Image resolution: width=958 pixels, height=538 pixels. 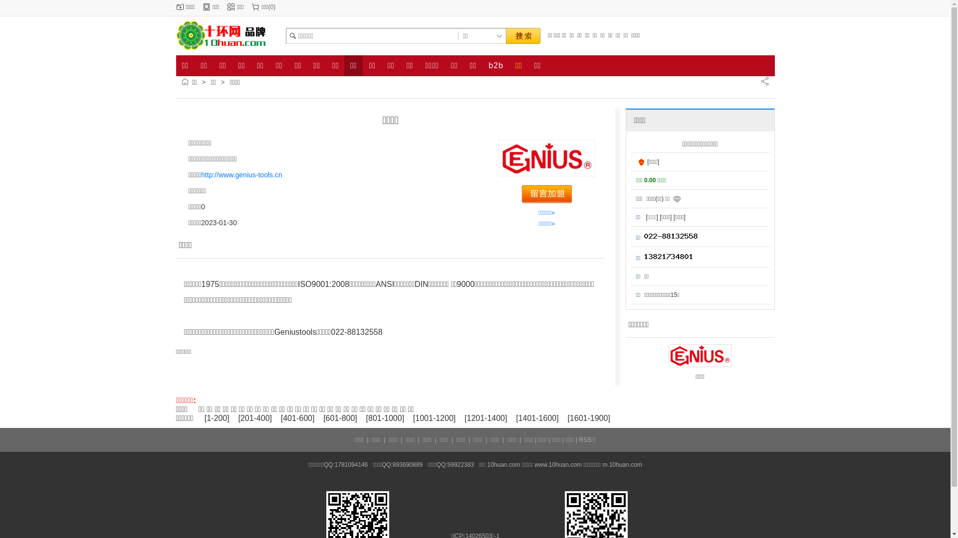 I want to click on 'm.10huan.com', so click(x=622, y=465).